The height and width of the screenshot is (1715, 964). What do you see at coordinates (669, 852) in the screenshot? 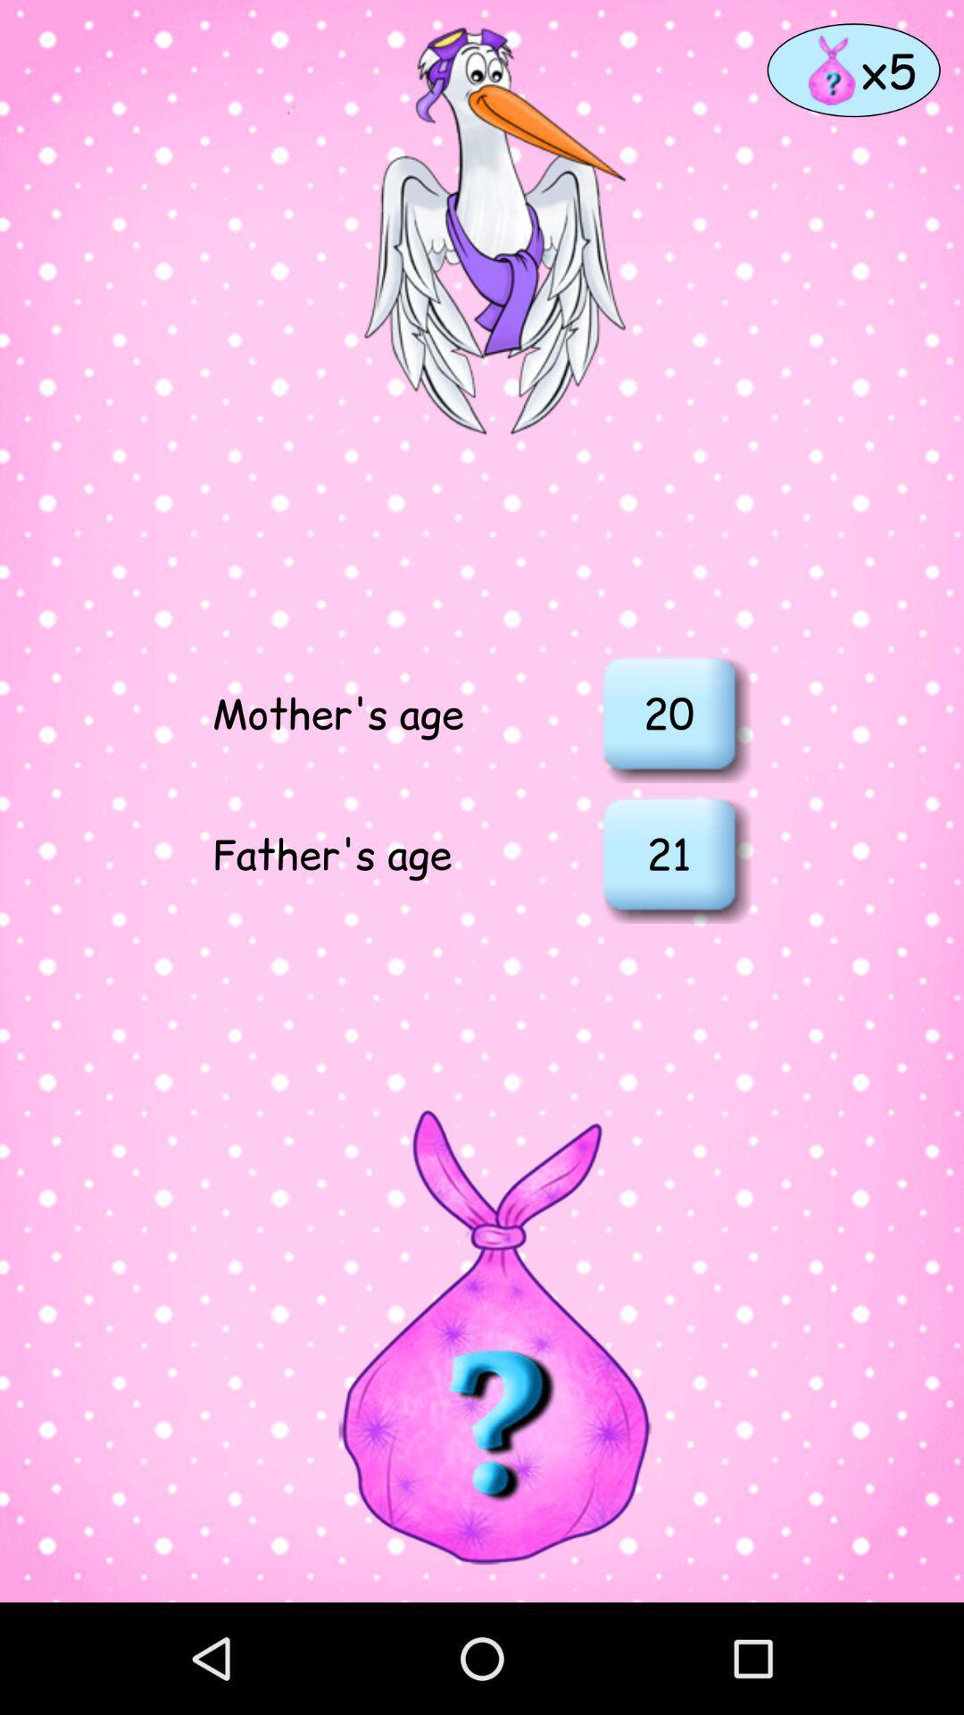
I see `the icon to the right of father's age` at bounding box center [669, 852].